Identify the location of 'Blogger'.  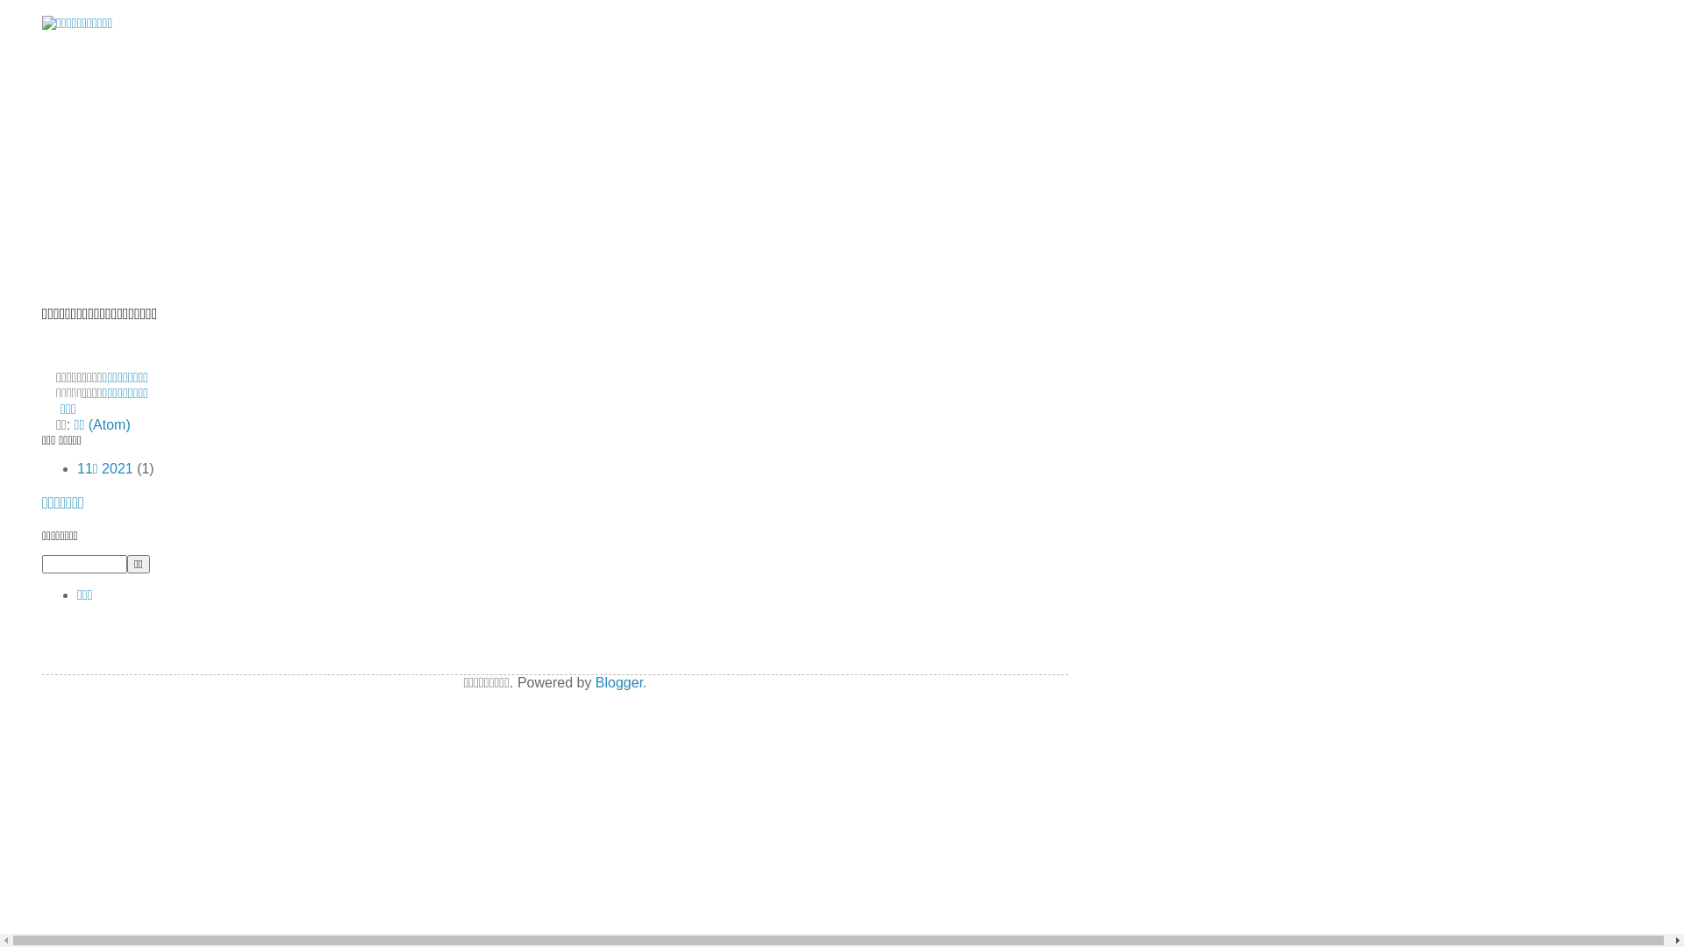
(618, 681).